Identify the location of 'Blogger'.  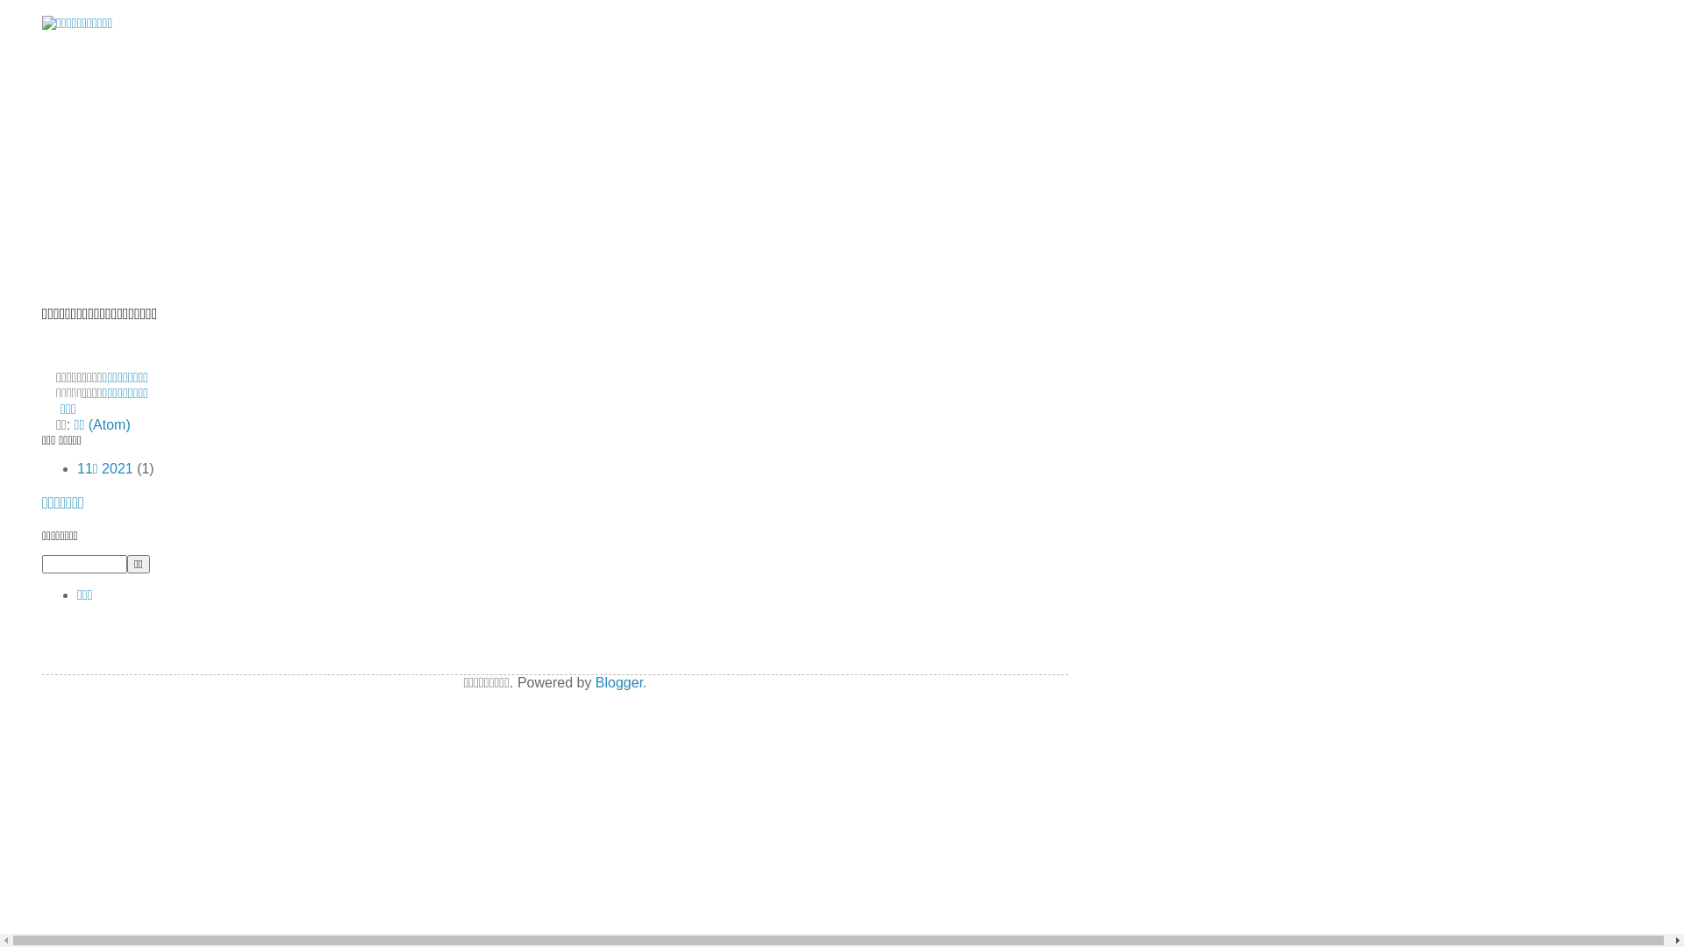
(618, 681).